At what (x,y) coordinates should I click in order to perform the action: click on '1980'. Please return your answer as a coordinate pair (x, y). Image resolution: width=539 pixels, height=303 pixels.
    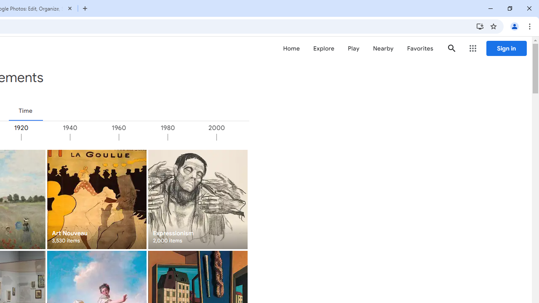
    Looking at the image, I should click on (191, 137).